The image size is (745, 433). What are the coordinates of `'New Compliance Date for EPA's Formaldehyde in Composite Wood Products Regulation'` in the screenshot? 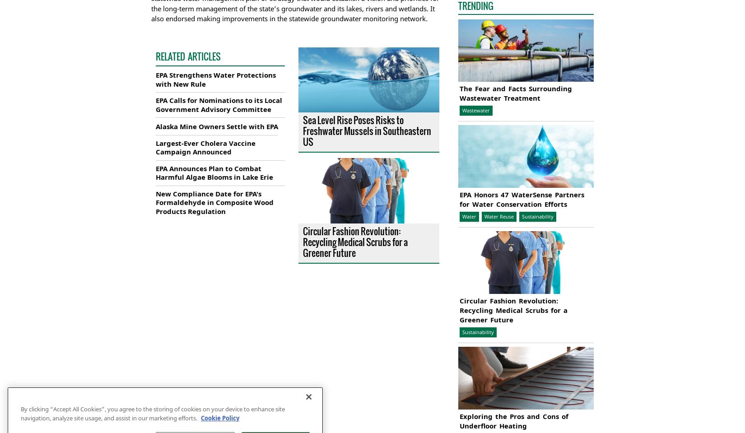 It's located at (214, 201).